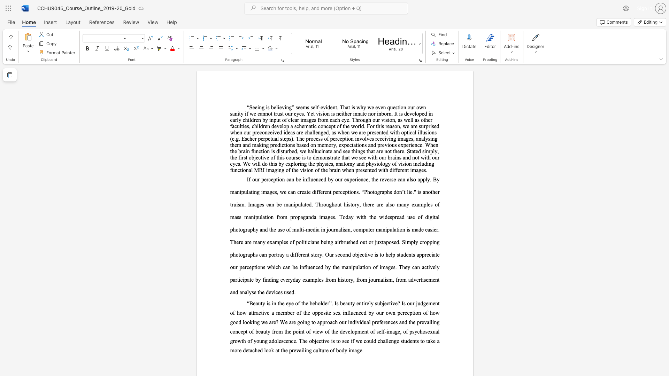  What do you see at coordinates (277, 107) in the screenshot?
I see `the subset text "ieving” seems self-evident. That is why we even question our own sanity if we cannot trust our eyes. Yet vision is neither innate nor inborn. It is developed in early children by input of clear images from each eye. Thr" within the text "“Seeing is believing” seems self-evident. That is why we even question our own sanity if we cannot trust our eyes. Yet vision is neither innate nor inborn. It is developed in early children by input of clear images from each eye. Through our vision, as well as other faculties, children develop a schematic concept of the world. For this reason, we are surprised when our preconceived ideas are challenged, as when we are presented with optical illusions (e.g. Escher perpetual steps). The process of perception"` at bounding box center [277, 107].